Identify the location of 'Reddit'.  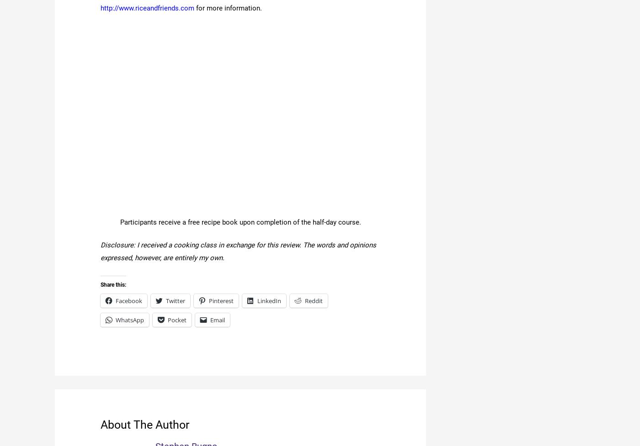
(314, 300).